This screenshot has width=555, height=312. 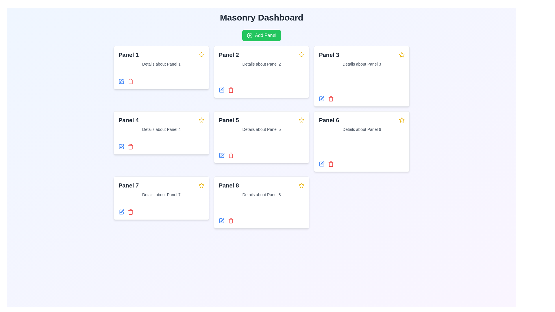 I want to click on the red trash can icon located at the bottom-right corner of 'Panel 5', so click(x=230, y=155).